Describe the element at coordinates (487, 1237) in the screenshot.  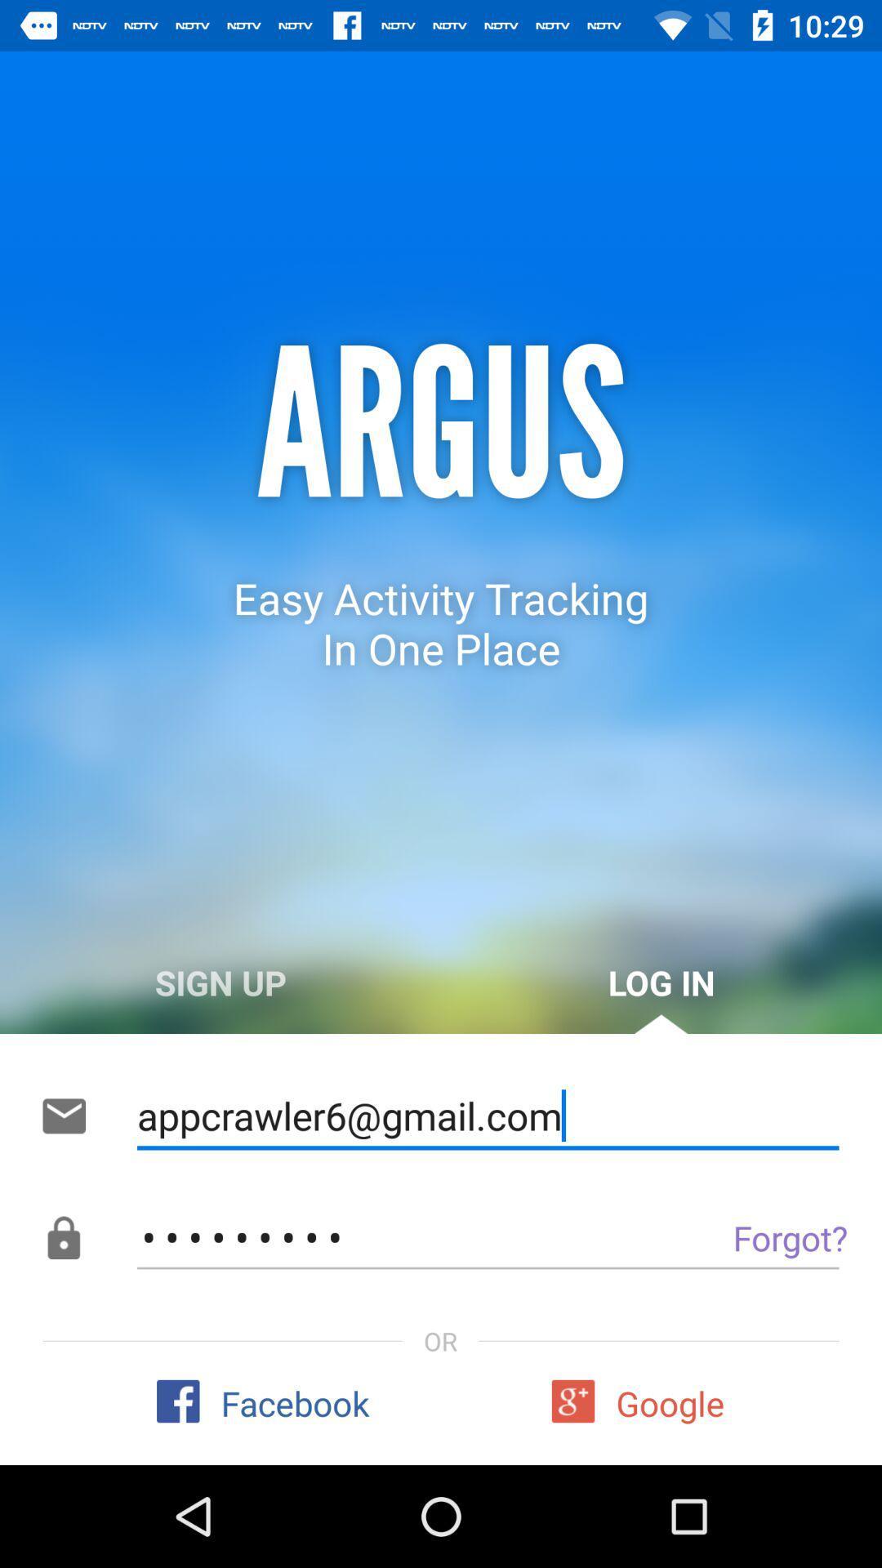
I see `the crowd3116` at that location.